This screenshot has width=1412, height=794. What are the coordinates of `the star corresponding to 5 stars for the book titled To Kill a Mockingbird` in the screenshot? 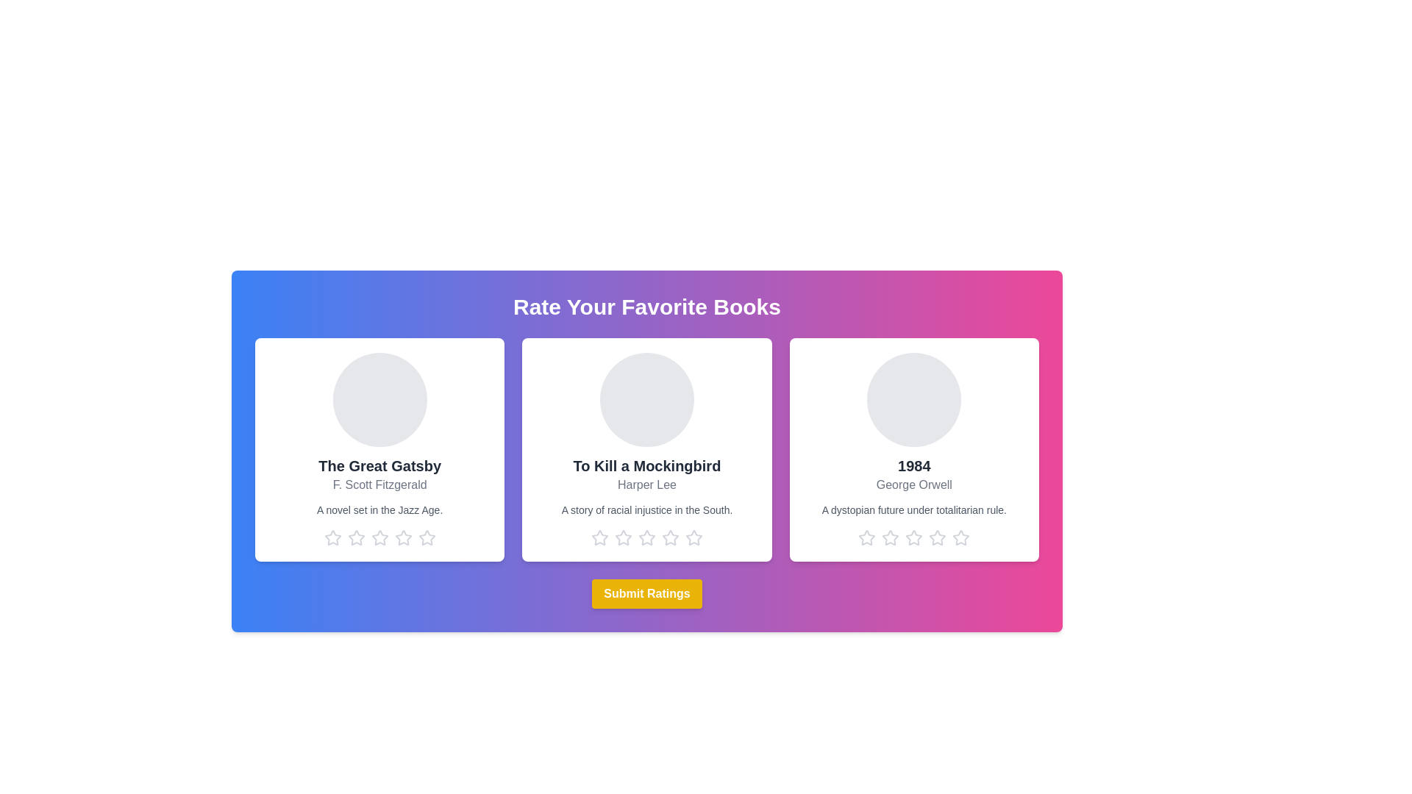 It's located at (693, 538).